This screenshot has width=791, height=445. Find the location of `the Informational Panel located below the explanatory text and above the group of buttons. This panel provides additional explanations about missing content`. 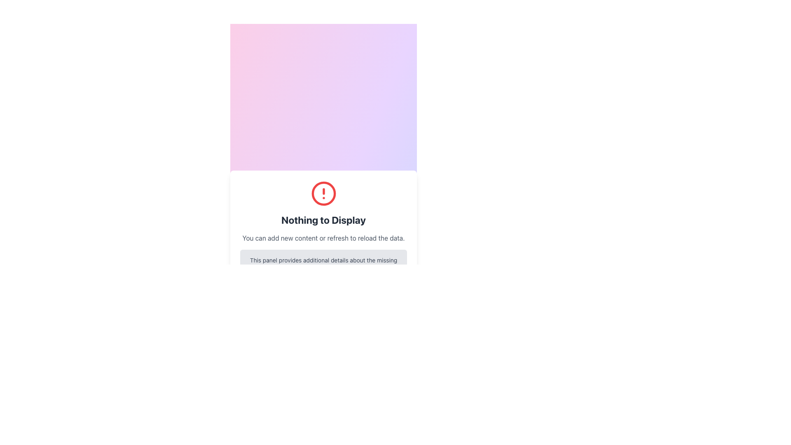

the Informational Panel located below the explanatory text and above the group of buttons. This panel provides additional explanations about missing content is located at coordinates (323, 264).